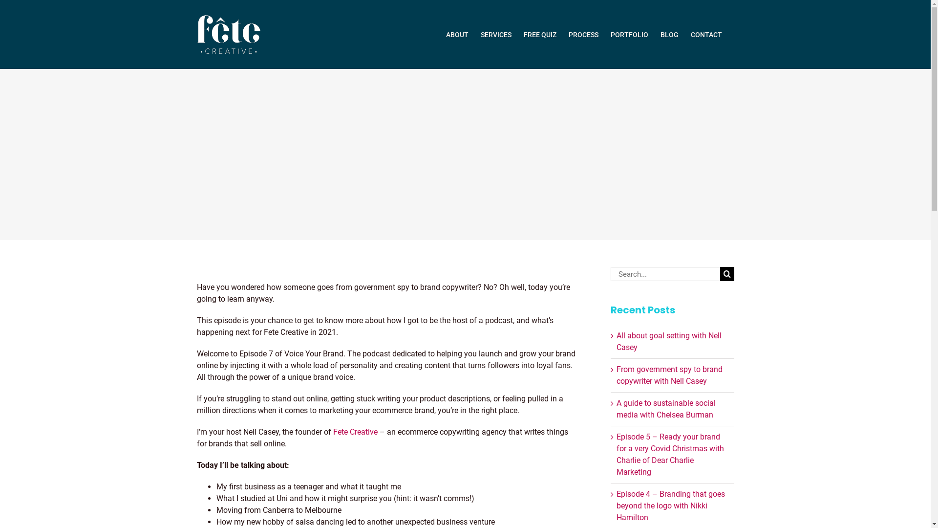 The width and height of the screenshot is (938, 528). I want to click on 'Fete Creative', so click(355, 431).